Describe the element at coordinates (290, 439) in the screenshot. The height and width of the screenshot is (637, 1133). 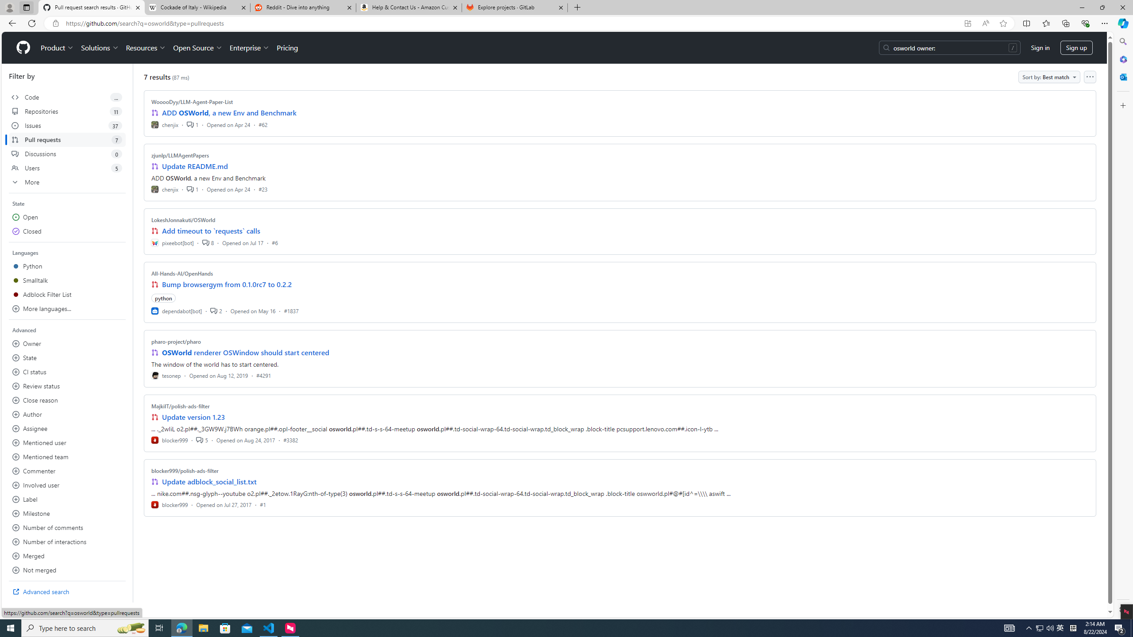
I see `'#3382'` at that location.